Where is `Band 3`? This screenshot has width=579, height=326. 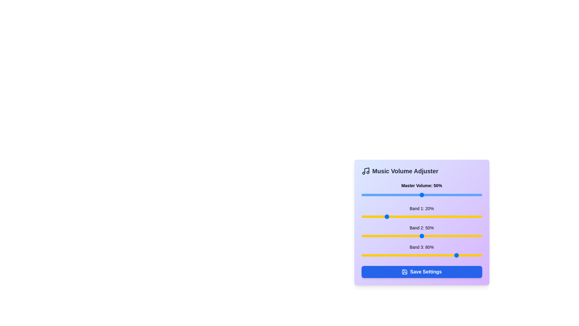
Band 3 is located at coordinates (455, 255).